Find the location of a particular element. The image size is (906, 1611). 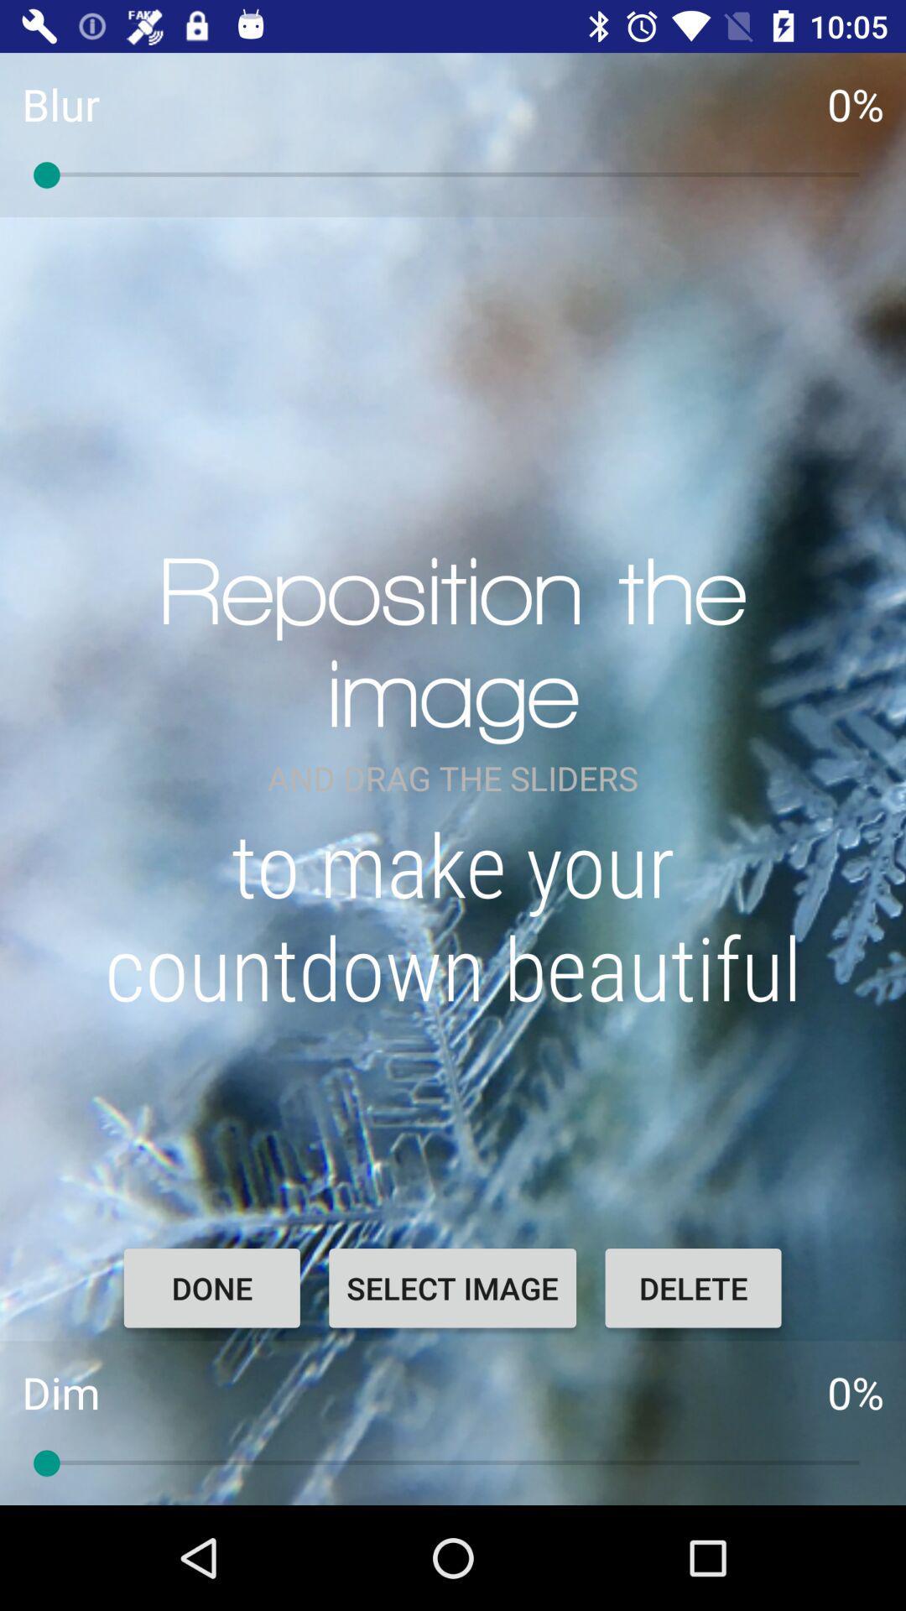

icon to the left of the delete is located at coordinates (451, 1287).